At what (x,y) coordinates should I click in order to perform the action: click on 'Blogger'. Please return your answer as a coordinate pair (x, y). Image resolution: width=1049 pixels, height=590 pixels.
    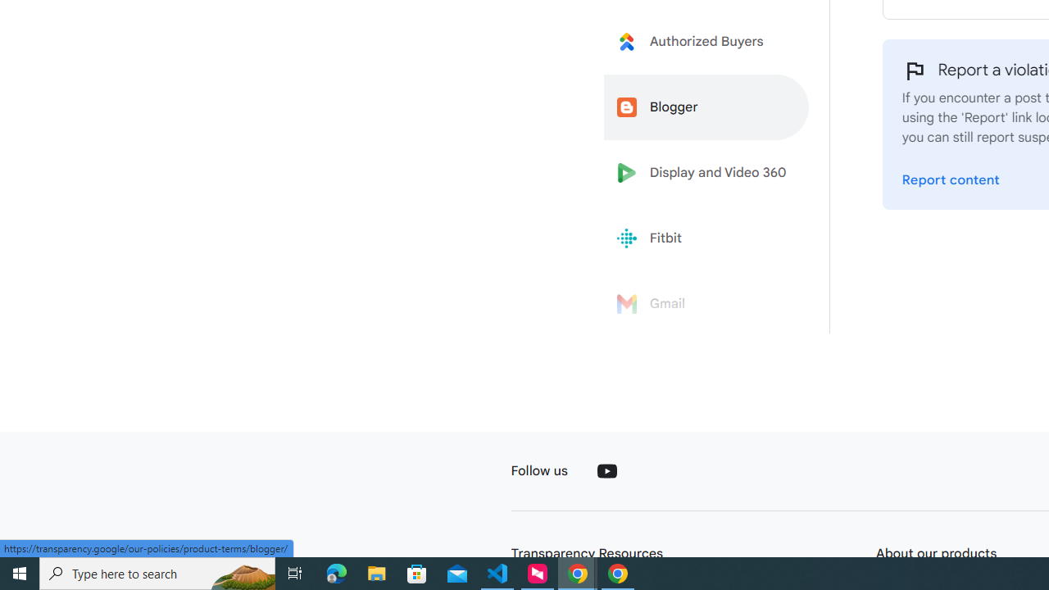
    Looking at the image, I should click on (706, 107).